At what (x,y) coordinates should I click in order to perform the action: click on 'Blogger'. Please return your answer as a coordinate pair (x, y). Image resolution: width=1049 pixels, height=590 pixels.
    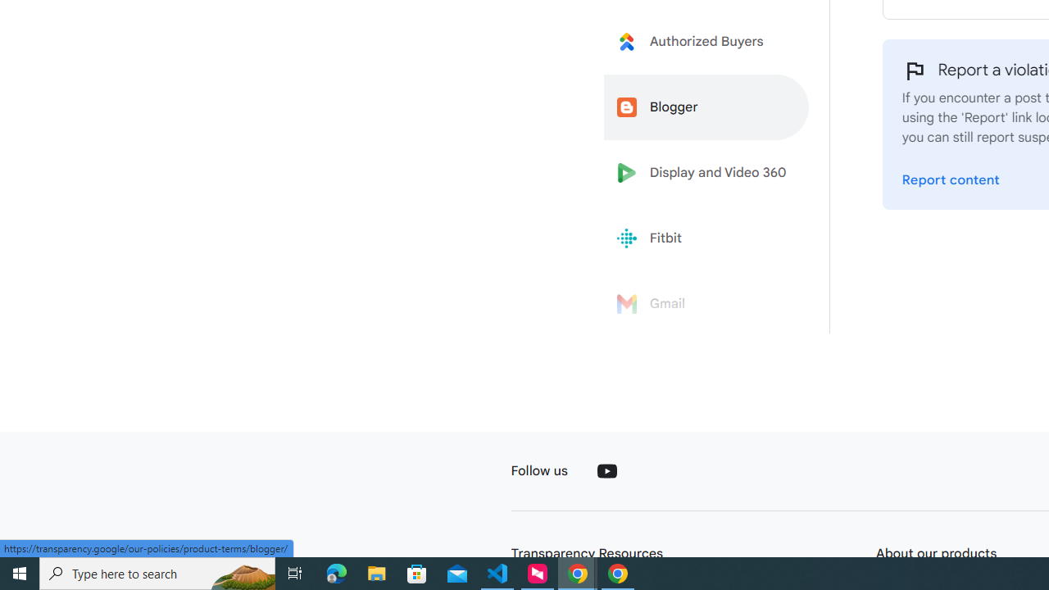
    Looking at the image, I should click on (706, 107).